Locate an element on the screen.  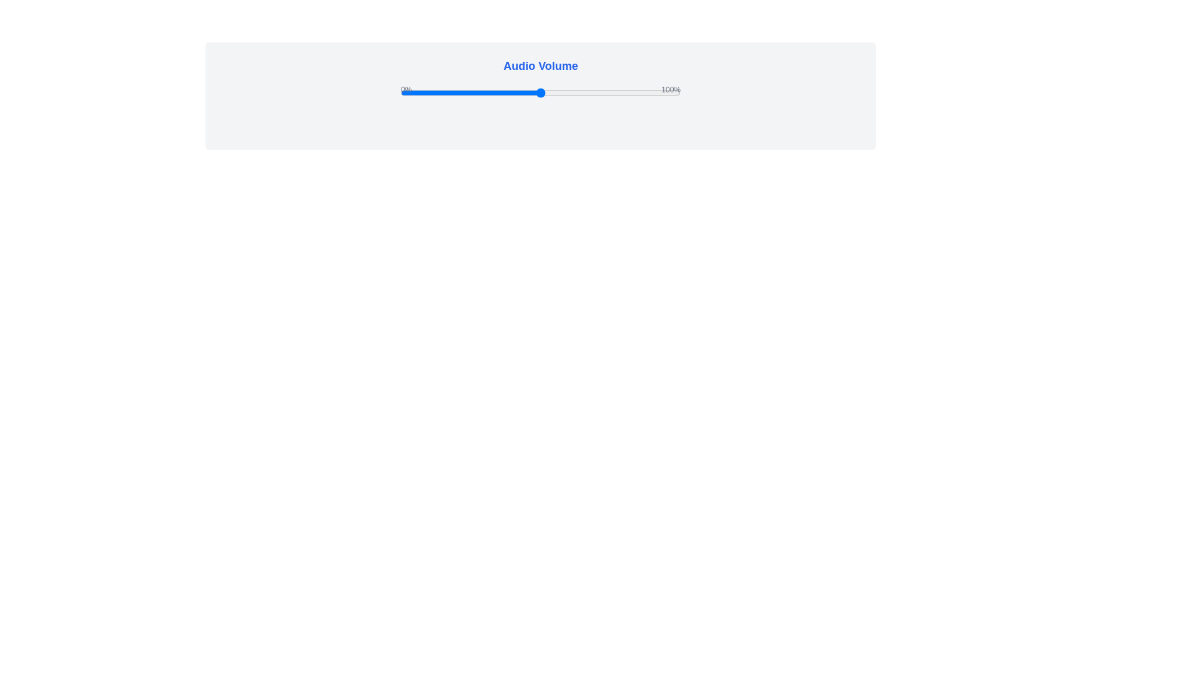
the volume is located at coordinates (593, 92).